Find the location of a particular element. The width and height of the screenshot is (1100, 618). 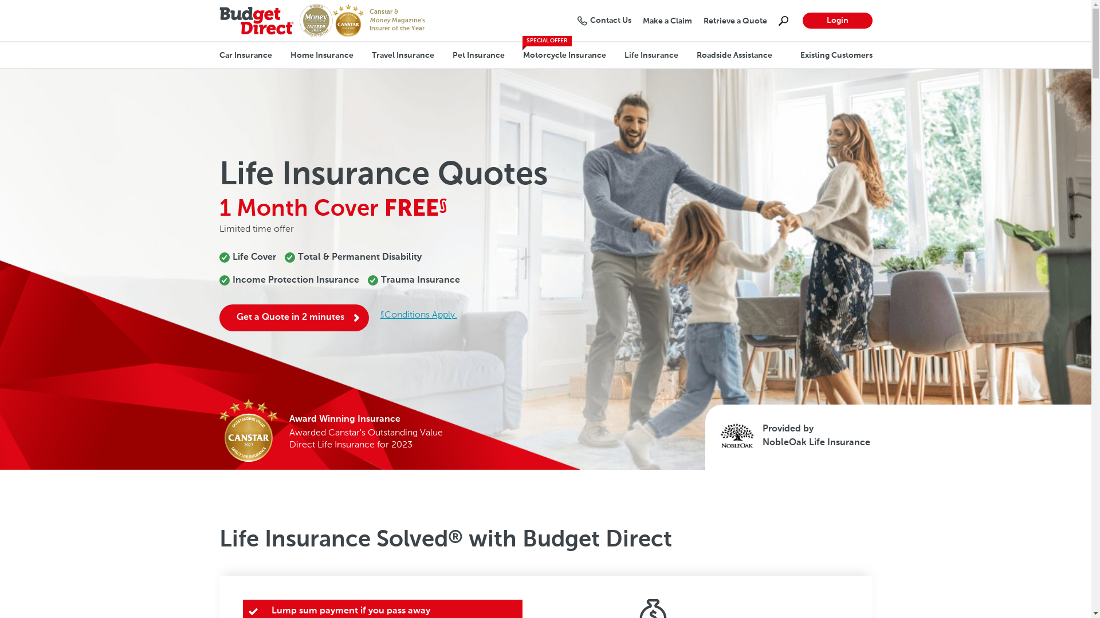

'Make a Claim' is located at coordinates (667, 21).